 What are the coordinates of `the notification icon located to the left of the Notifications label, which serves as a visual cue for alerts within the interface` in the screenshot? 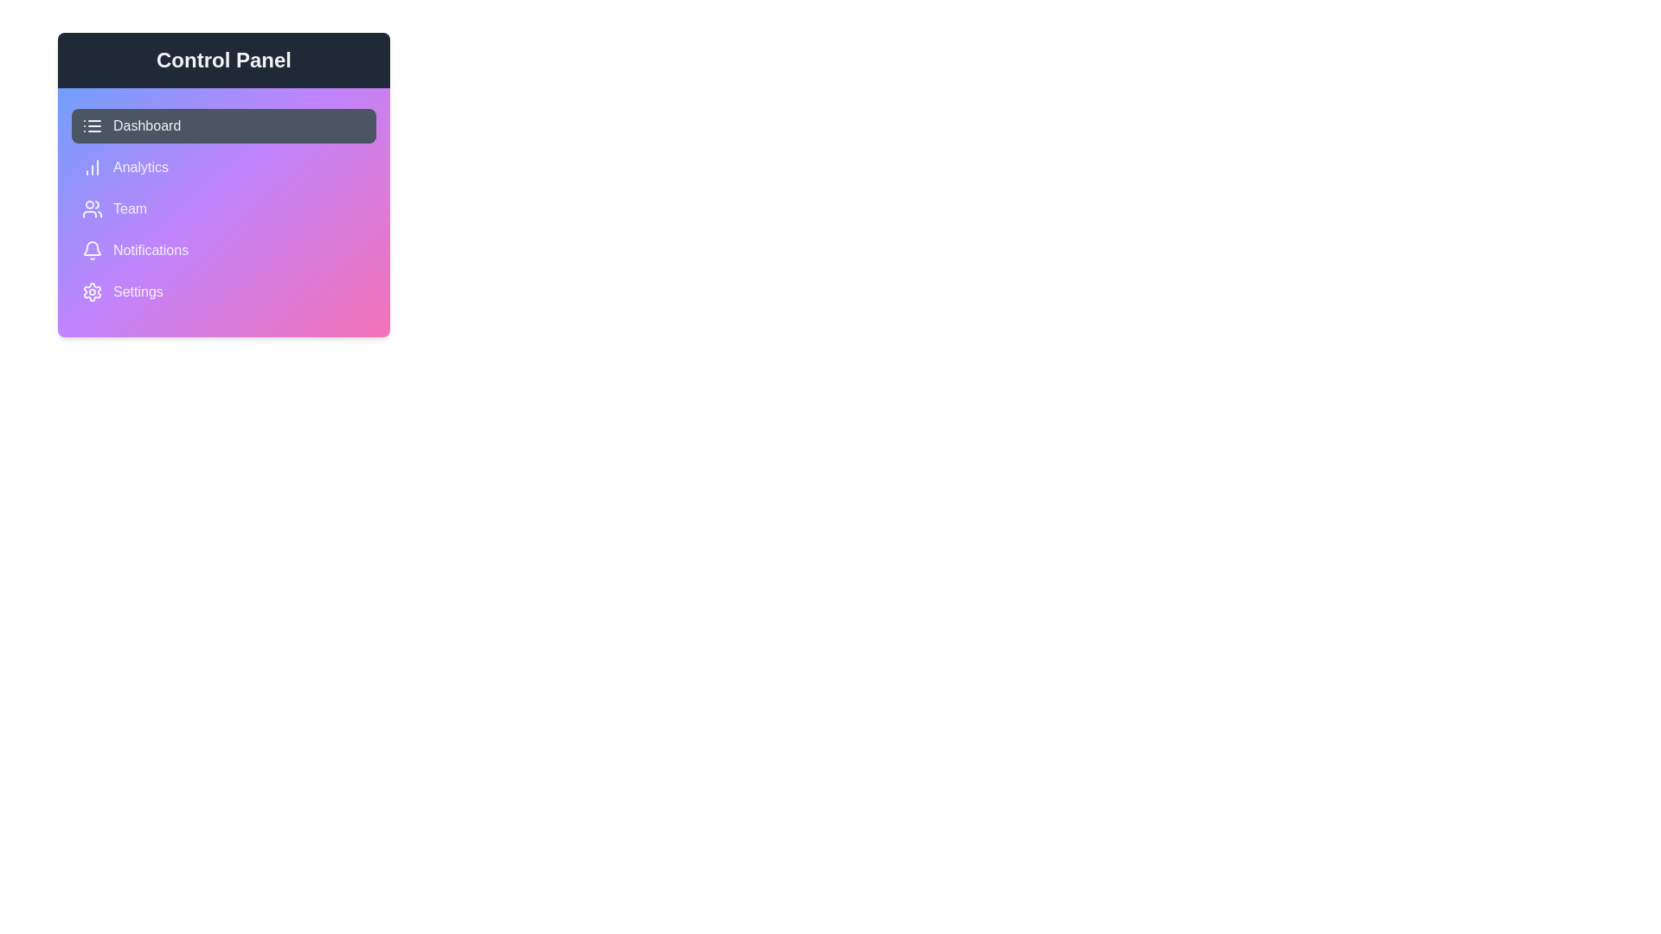 It's located at (91, 248).